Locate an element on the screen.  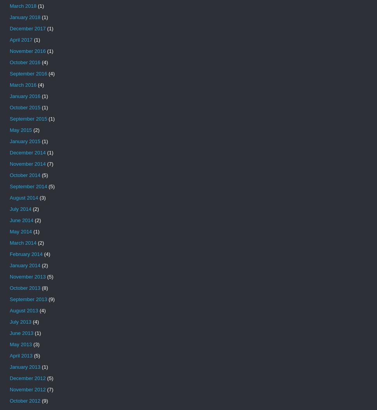
'March 2014' is located at coordinates (23, 242).